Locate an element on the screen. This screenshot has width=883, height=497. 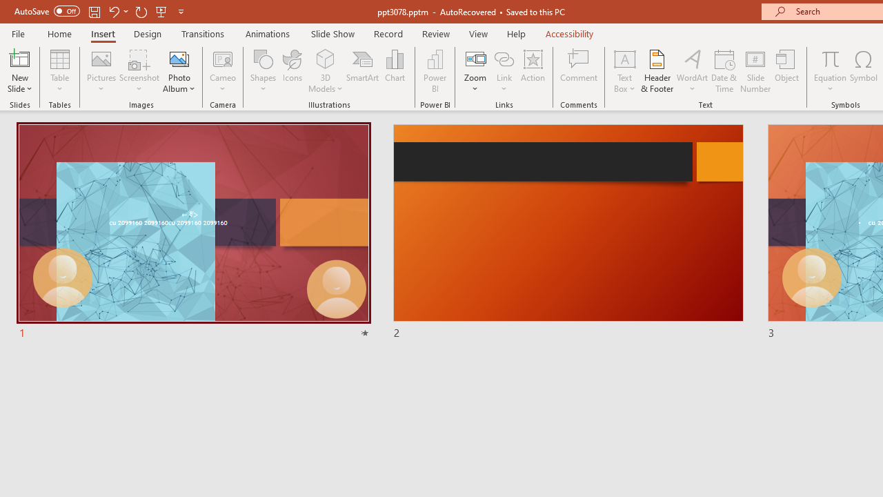
'Header & Footer...' is located at coordinates (656, 71).